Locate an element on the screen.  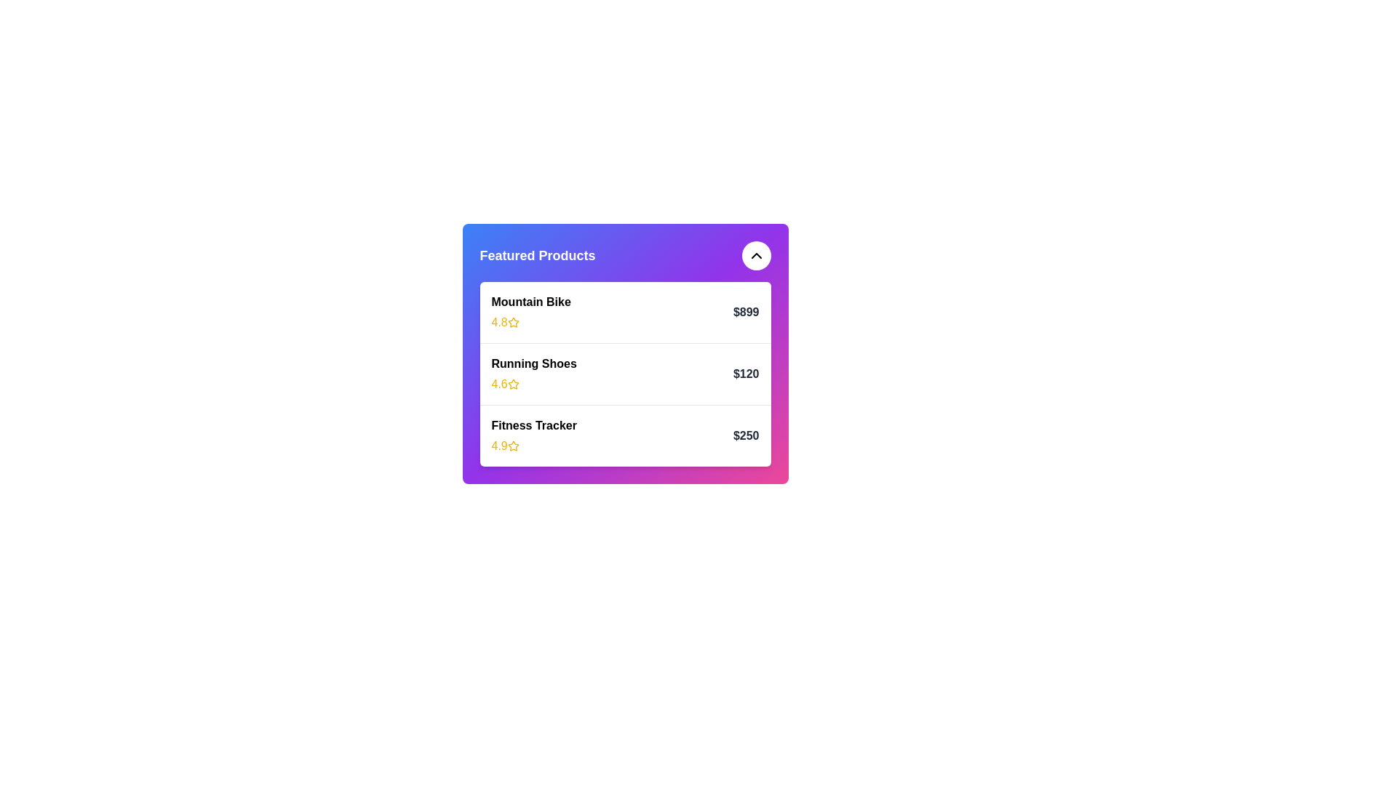
the second product entry in the 'Featured Products' list, which displays the product name, rating, and price, located between 'Mountain Bike' and 'Fitness Tracker' is located at coordinates (625, 353).